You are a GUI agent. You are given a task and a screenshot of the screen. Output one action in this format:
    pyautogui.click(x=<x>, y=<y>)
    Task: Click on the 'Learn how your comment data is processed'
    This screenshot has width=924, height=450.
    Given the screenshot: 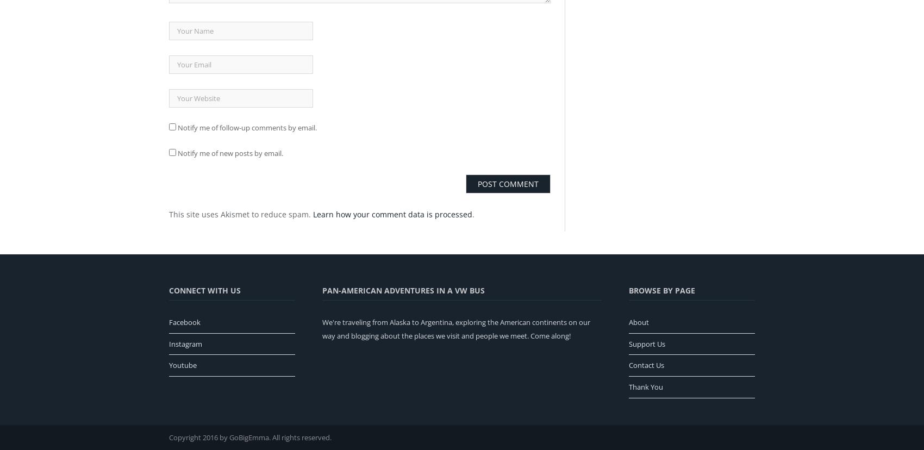 What is the action you would take?
    pyautogui.click(x=392, y=213)
    